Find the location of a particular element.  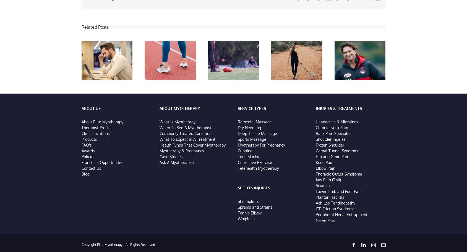

'Achilles Tendinopathy' is located at coordinates (335, 203).